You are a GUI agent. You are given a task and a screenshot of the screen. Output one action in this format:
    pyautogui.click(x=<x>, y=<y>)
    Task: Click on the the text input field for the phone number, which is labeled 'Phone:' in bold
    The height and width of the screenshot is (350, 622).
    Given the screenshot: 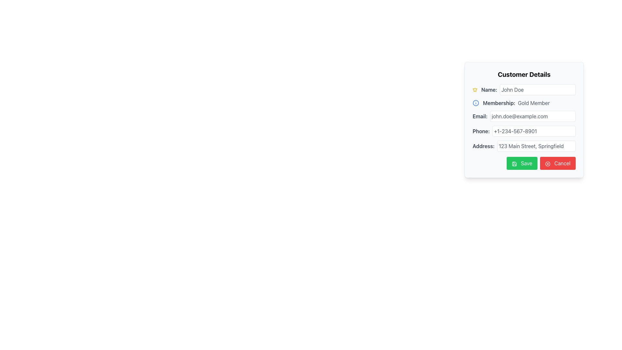 What is the action you would take?
    pyautogui.click(x=524, y=131)
    